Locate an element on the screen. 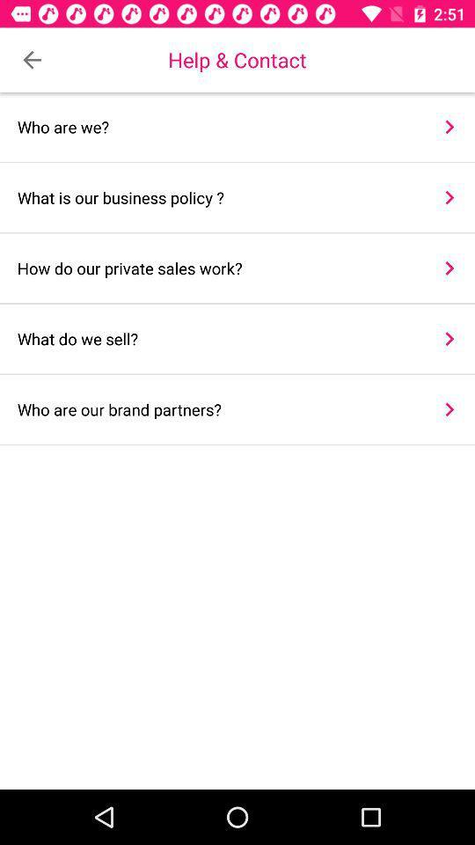  icon next to help & contact item is located at coordinates (32, 60).